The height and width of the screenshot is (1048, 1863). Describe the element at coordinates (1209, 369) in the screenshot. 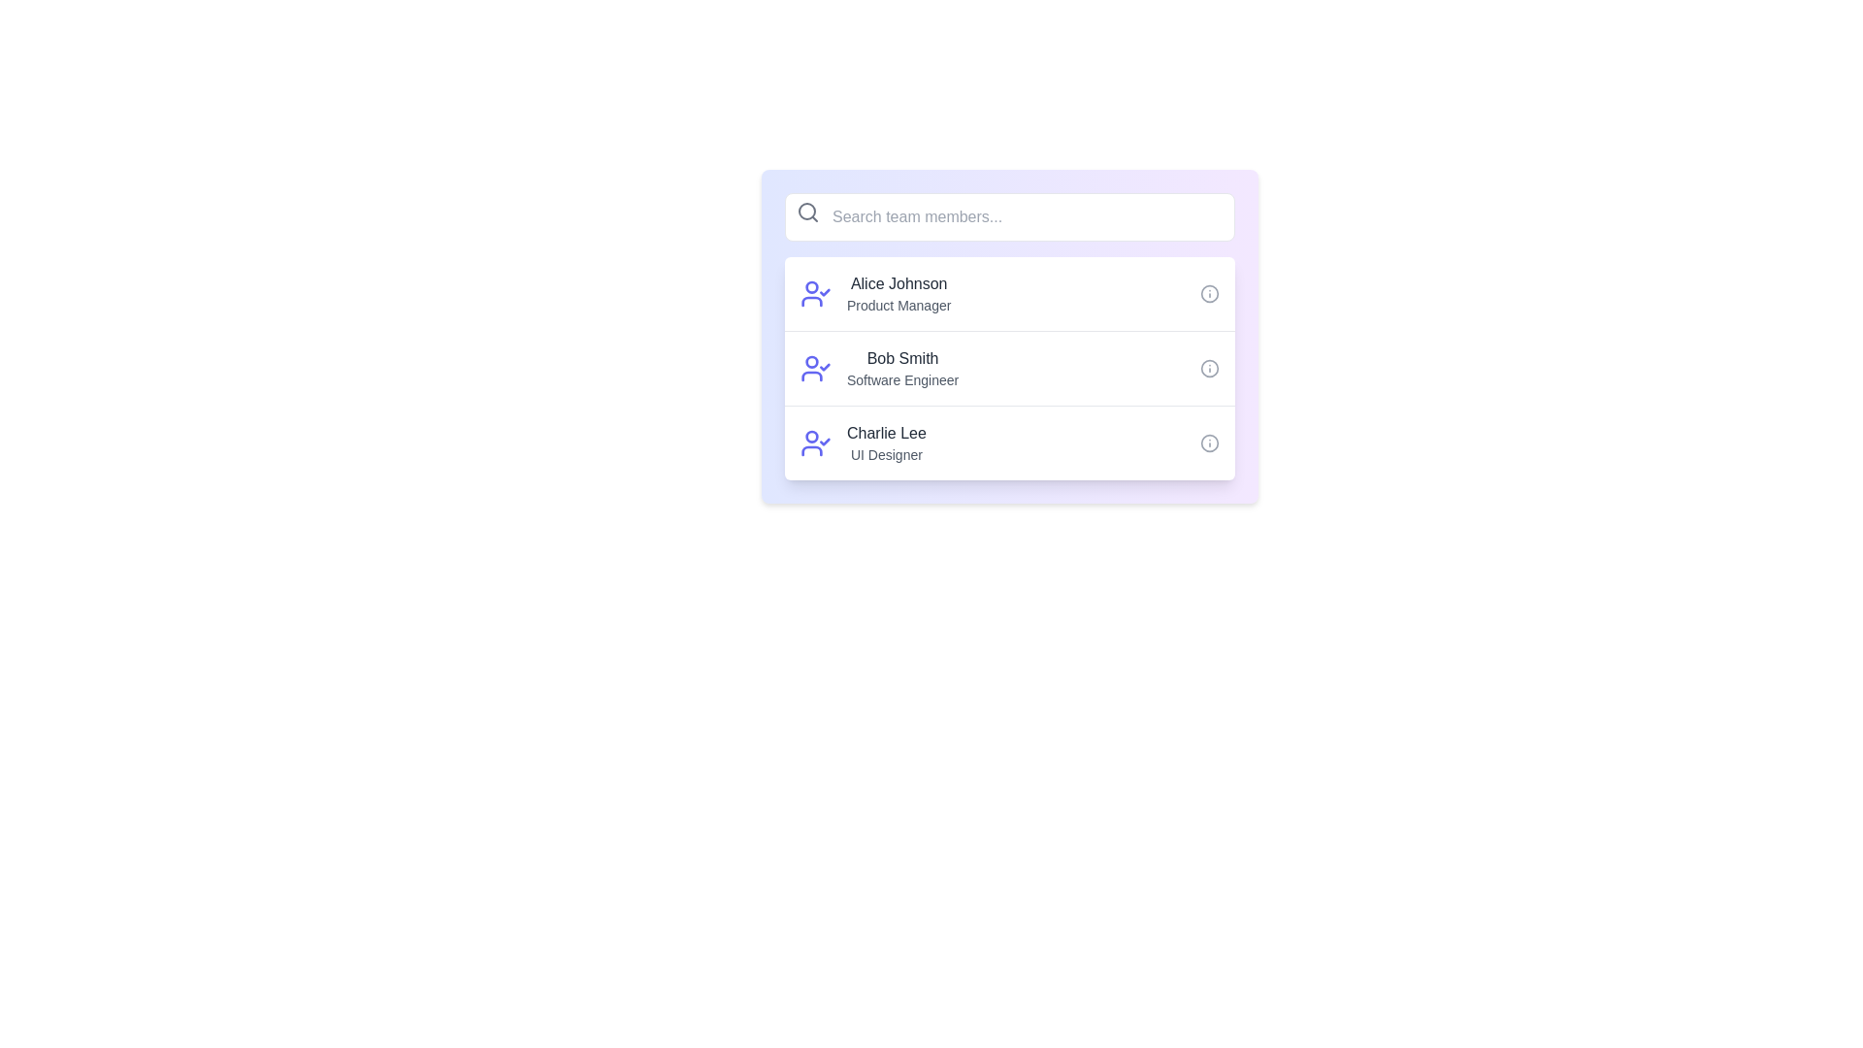

I see `the grey hollow circle icon associated with the 'info' indicator located in the row for 'Bob Smith, Software Engineer'` at that location.